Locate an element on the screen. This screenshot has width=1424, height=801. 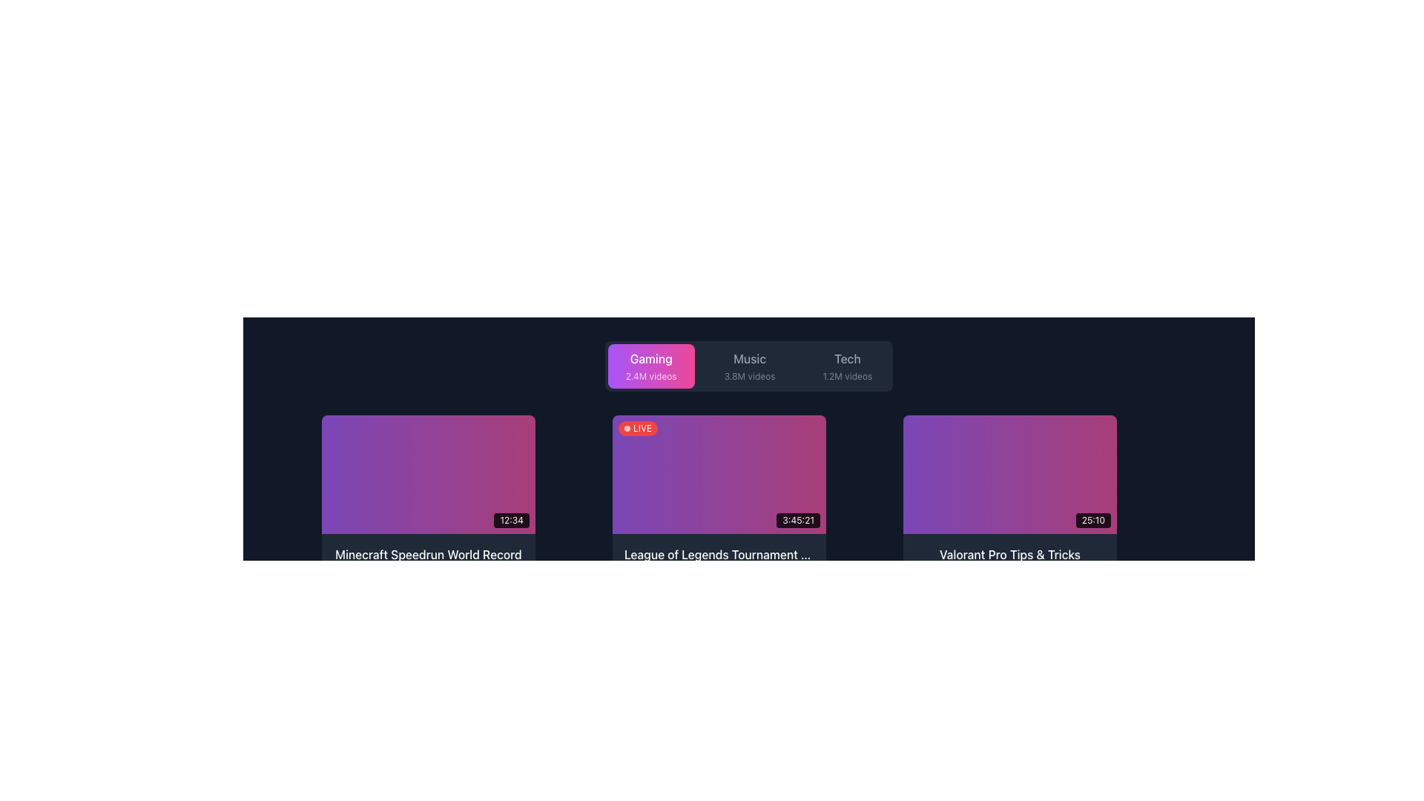
the decorative icons or graphical indicators located beneath the 'Minecraft Speedrun World Record' card in the lower middle interface is located at coordinates (509, 576).